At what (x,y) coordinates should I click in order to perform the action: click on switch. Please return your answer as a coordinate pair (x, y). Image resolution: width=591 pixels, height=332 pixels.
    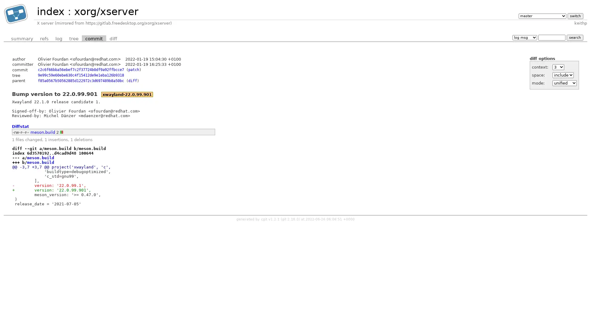
    Looking at the image, I should click on (575, 15).